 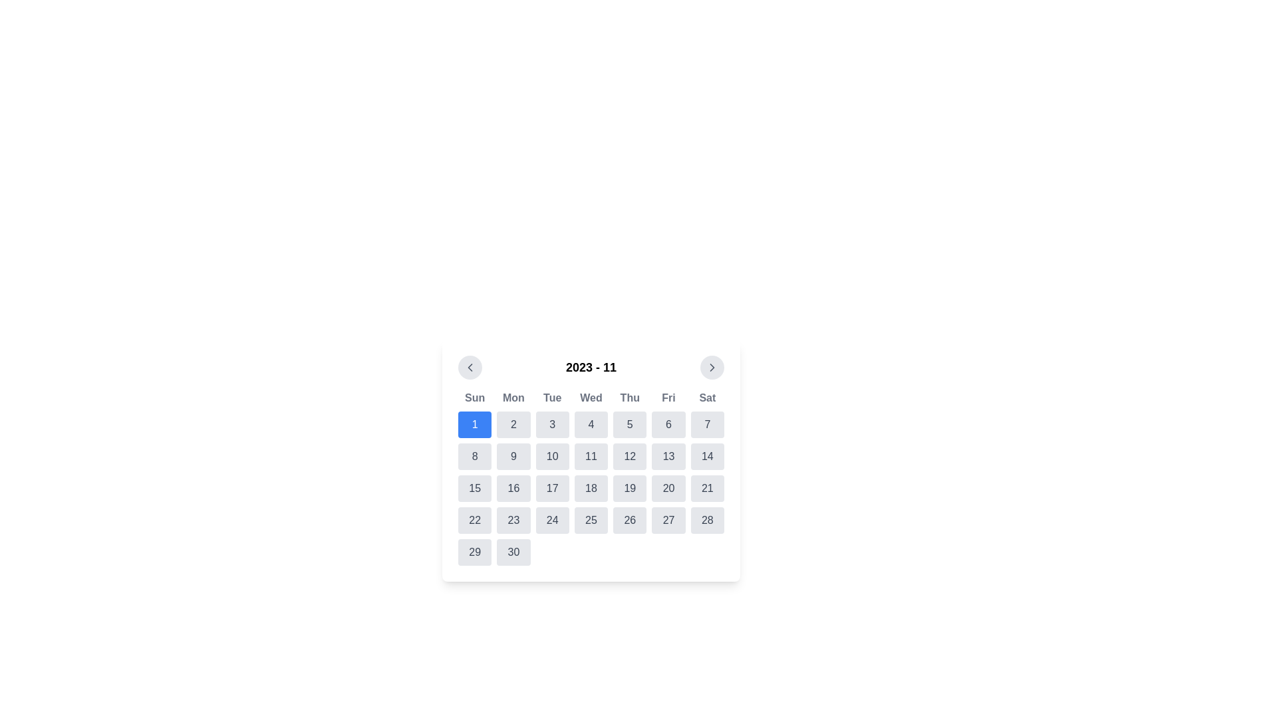 I want to click on the Chevron icon in the top-right corner of the calendar interface for visual feedback, so click(x=711, y=367).